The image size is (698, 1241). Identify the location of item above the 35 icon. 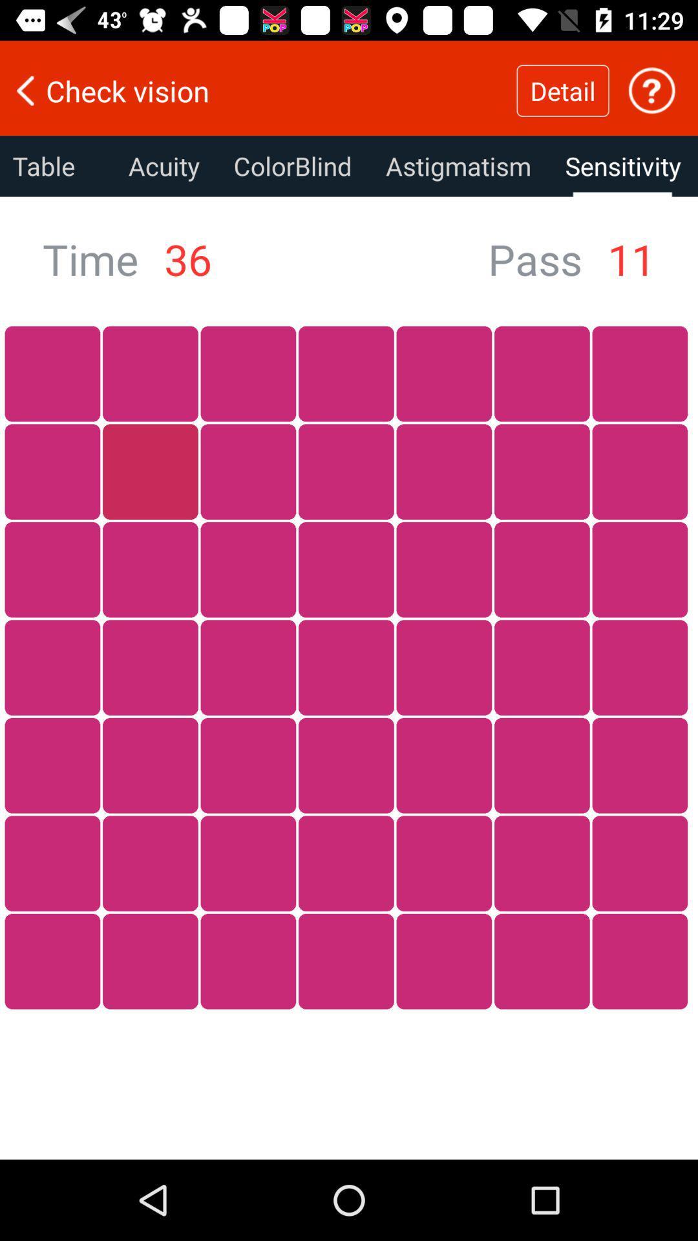
(292, 165).